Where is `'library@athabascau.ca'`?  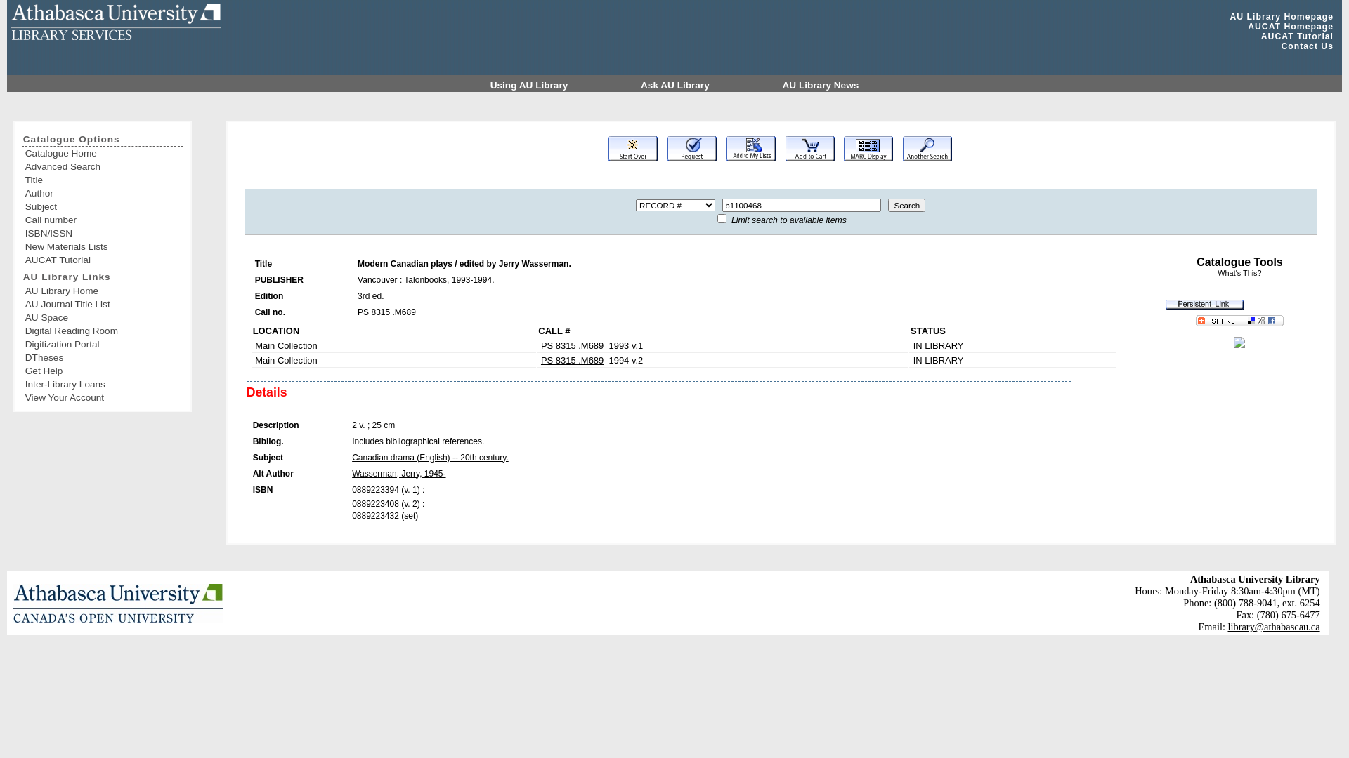
'library@athabascau.ca' is located at coordinates (1227, 626).